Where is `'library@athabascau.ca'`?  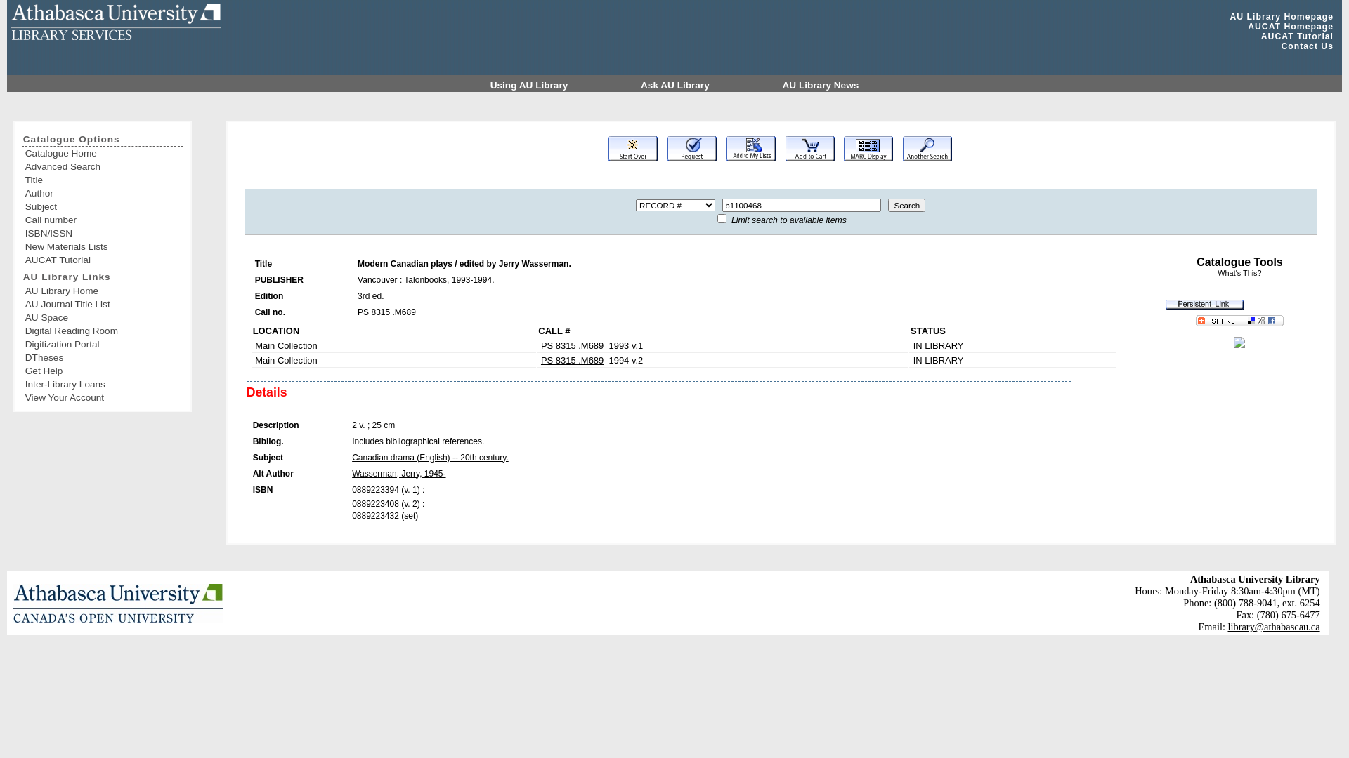
'library@athabascau.ca' is located at coordinates (1227, 626).